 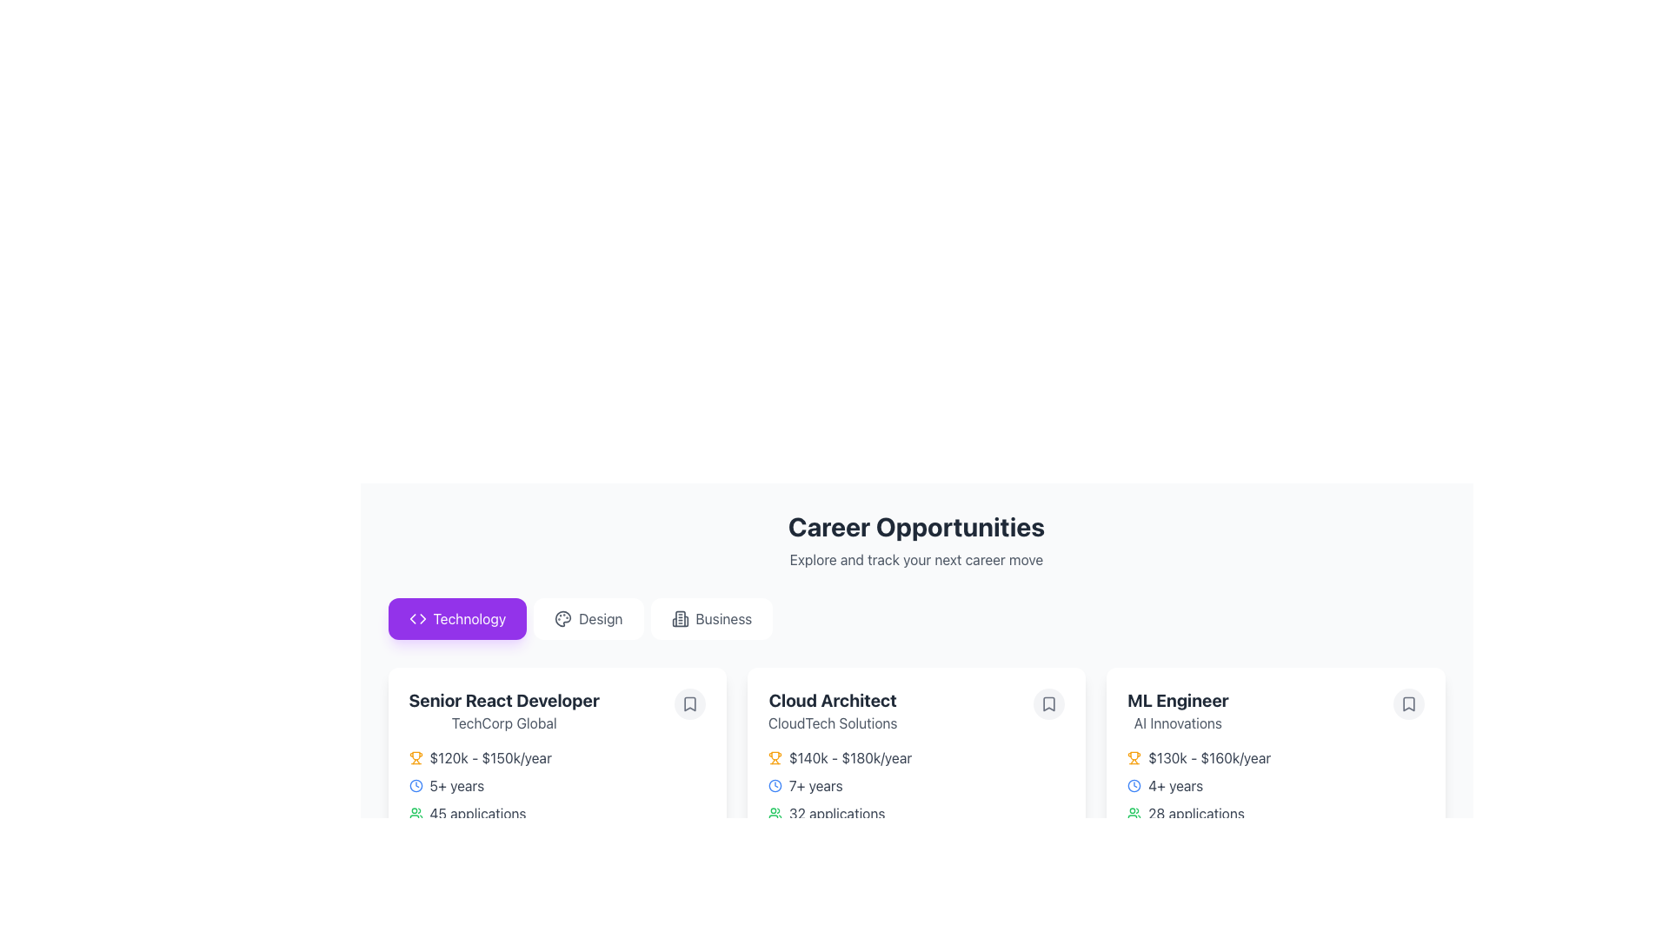 I want to click on the small blue clock icon located to the left of the '7+ years' text in the 'Cloud Architect' job card, so click(x=774, y=785).